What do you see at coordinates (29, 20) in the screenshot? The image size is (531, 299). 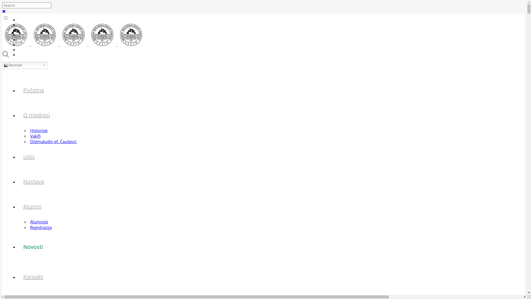 I see `'eDnevnik'` at bounding box center [29, 20].